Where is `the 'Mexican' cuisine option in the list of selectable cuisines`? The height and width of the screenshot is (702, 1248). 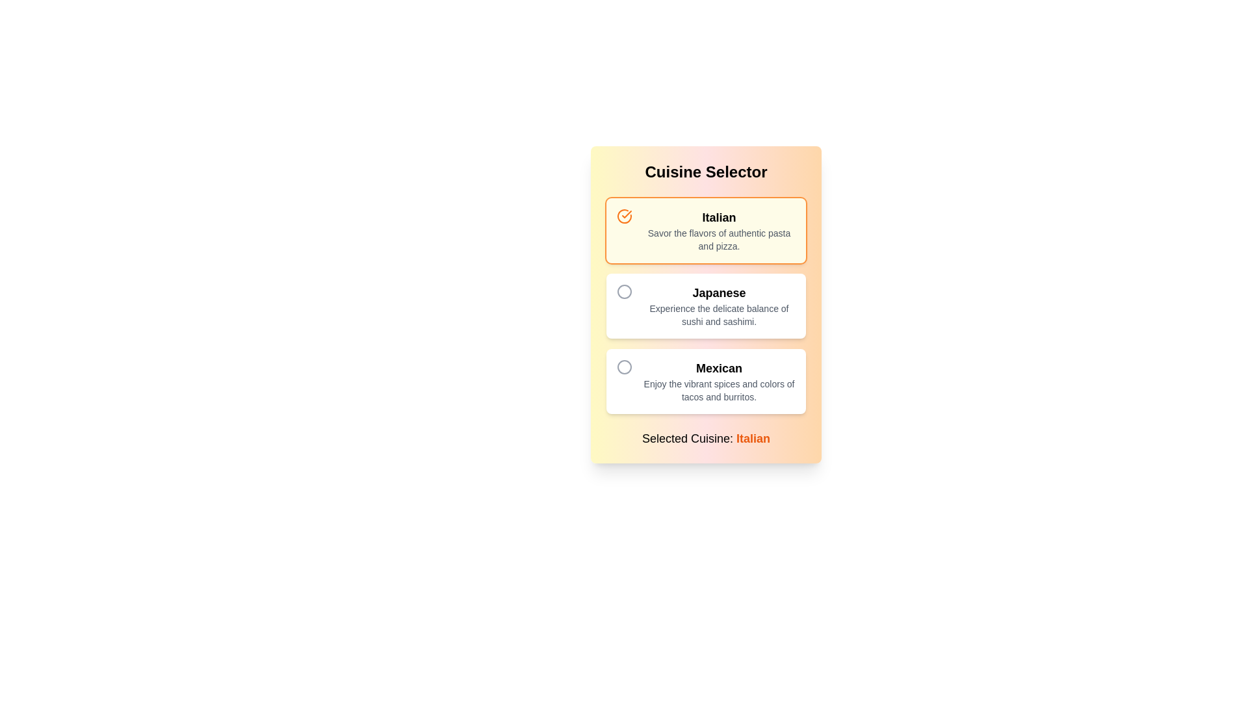 the 'Mexican' cuisine option in the list of selectable cuisines is located at coordinates (718, 380).